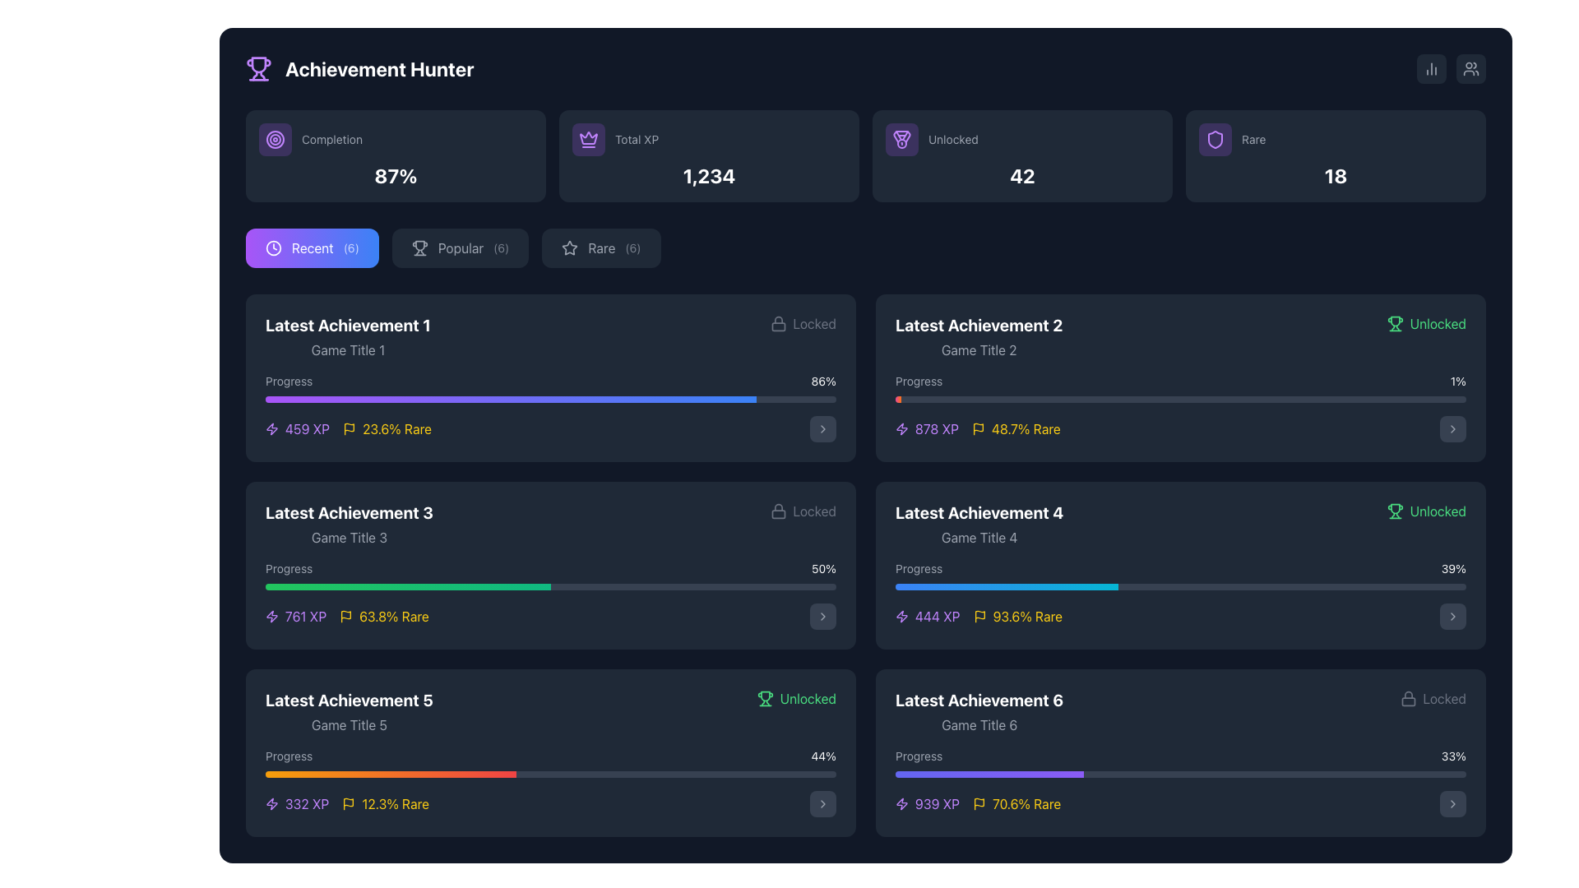 Image resolution: width=1579 pixels, height=888 pixels. Describe the element at coordinates (1394, 510) in the screenshot. I see `the 'unlocked' status icon of the 'Latest Achievement 6' section located at the bottom-right corner of the interface` at that location.